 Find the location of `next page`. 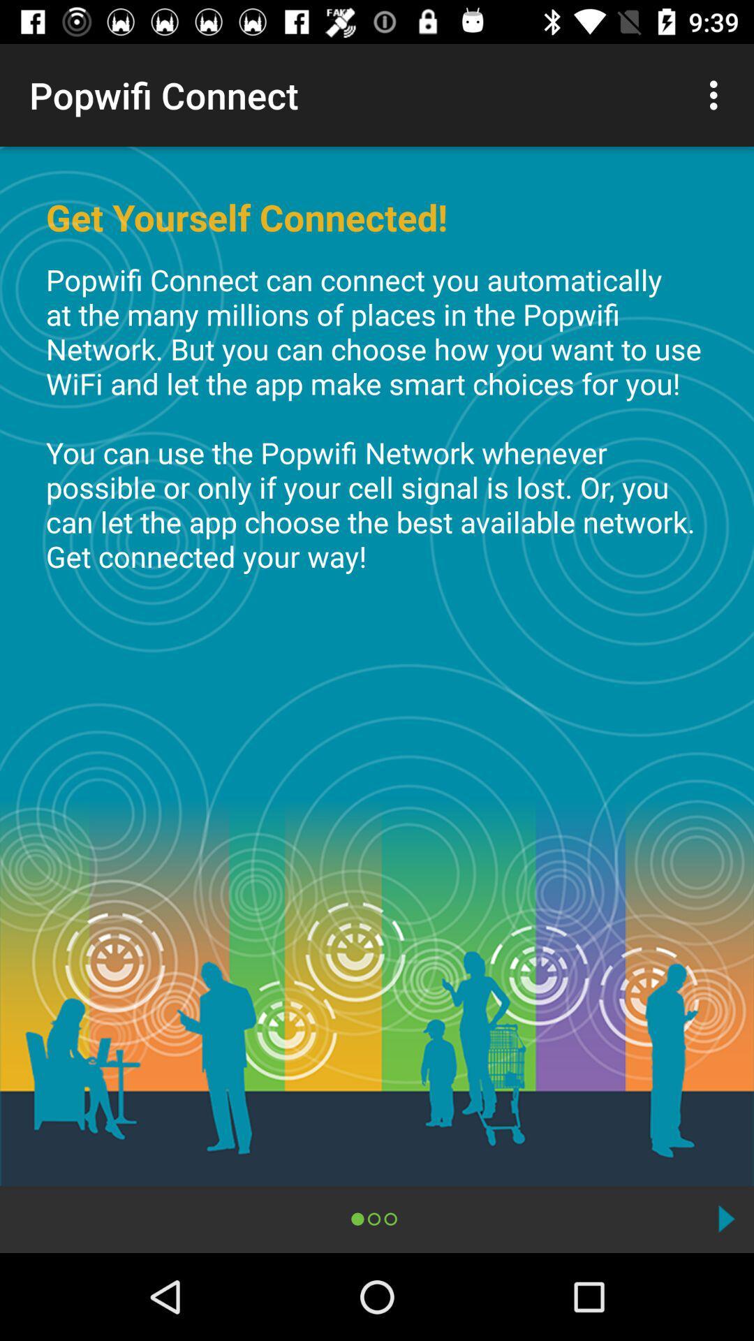

next page is located at coordinates (725, 1218).